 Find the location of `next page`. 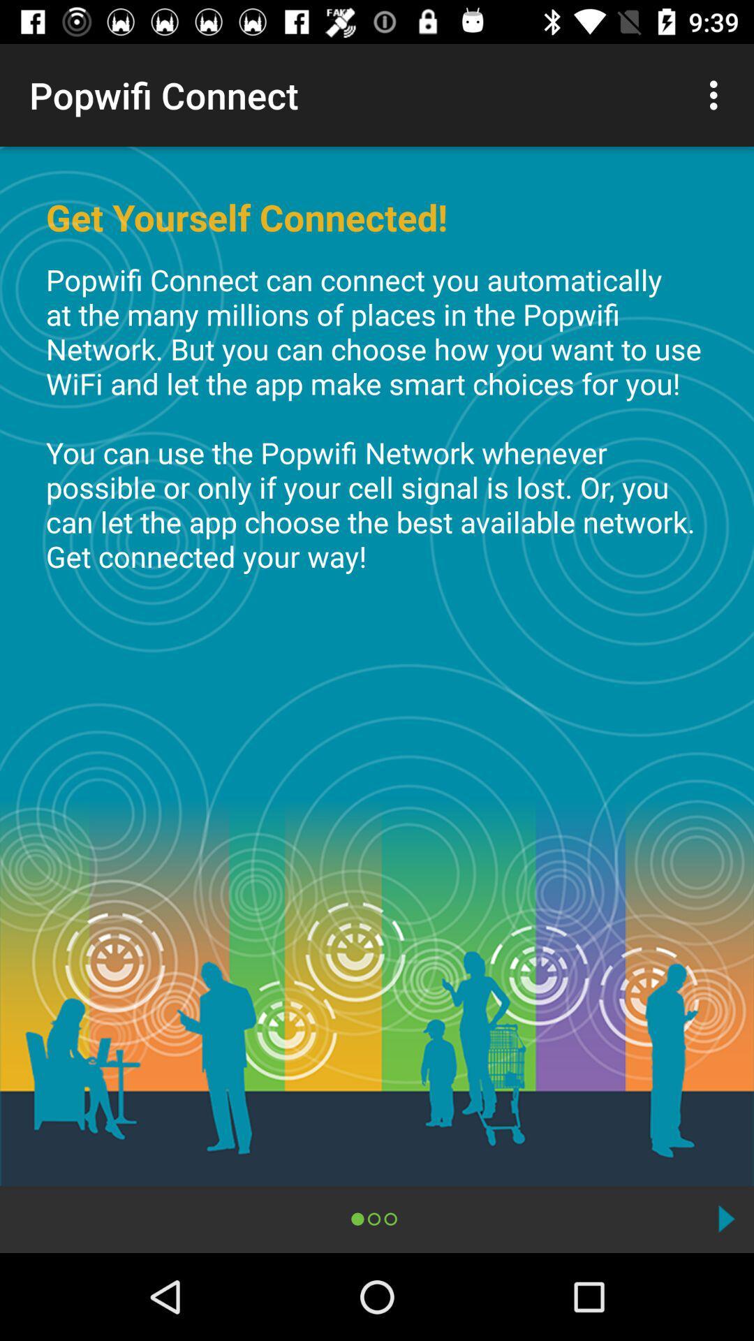

next page is located at coordinates (725, 1218).